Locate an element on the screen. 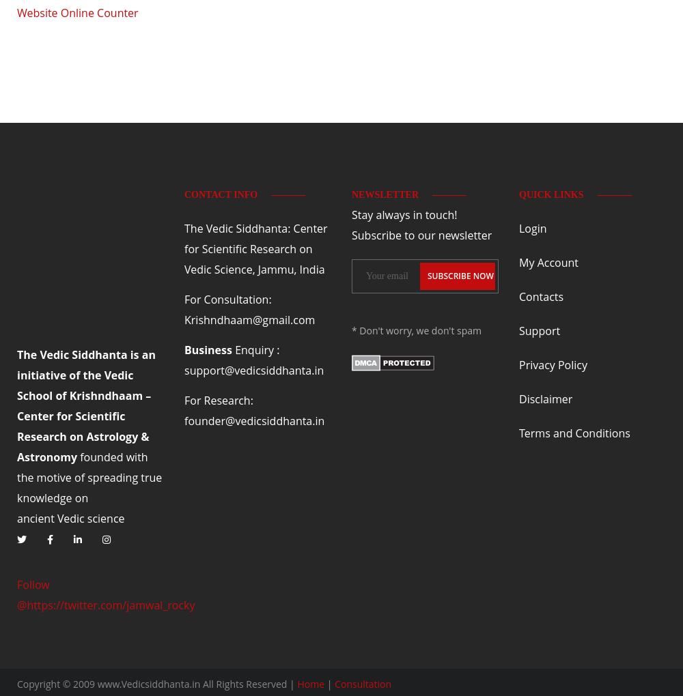  'science' is located at coordinates (105, 517).